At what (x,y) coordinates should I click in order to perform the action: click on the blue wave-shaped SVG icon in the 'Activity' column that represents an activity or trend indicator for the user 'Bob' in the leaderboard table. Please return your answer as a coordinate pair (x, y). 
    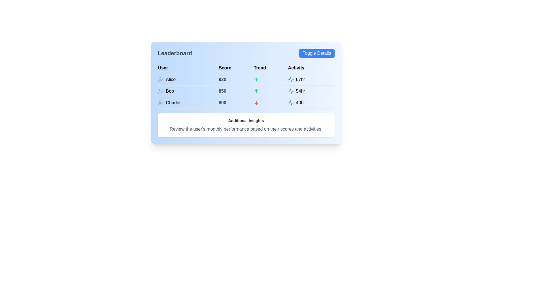
    Looking at the image, I should click on (291, 91).